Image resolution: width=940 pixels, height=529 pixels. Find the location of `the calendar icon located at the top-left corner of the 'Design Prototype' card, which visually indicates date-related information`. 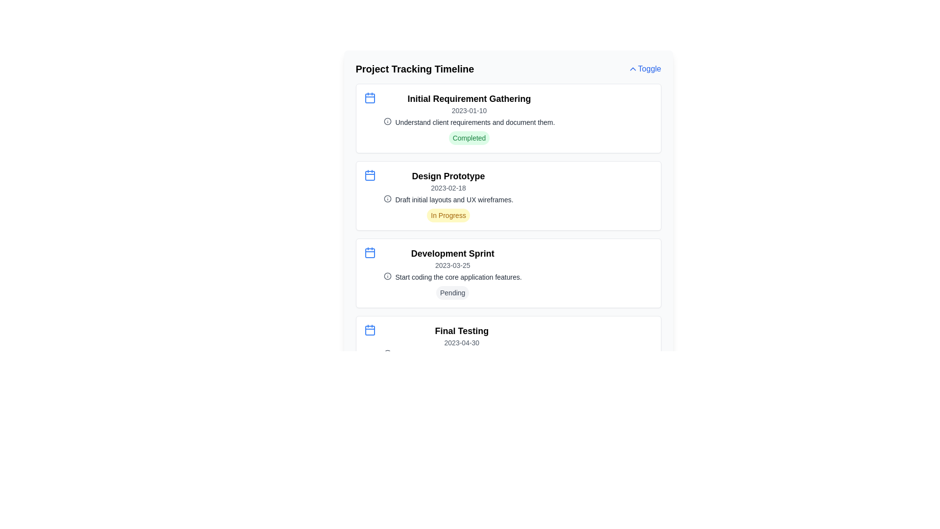

the calendar icon located at the top-left corner of the 'Design Prototype' card, which visually indicates date-related information is located at coordinates (369, 175).